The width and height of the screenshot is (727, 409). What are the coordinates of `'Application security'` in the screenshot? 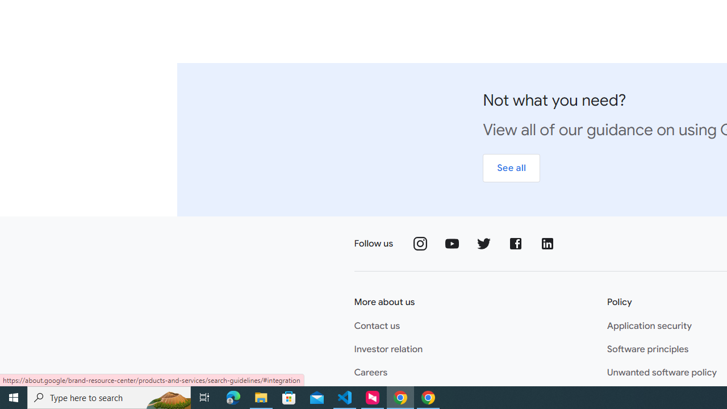 It's located at (649, 326).